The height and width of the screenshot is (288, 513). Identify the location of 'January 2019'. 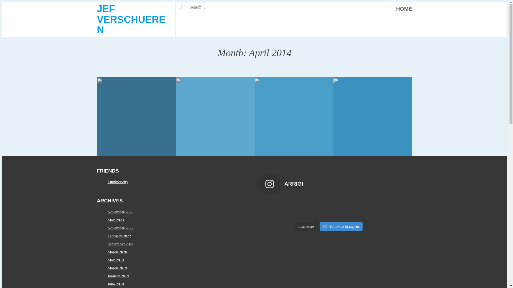
(107, 276).